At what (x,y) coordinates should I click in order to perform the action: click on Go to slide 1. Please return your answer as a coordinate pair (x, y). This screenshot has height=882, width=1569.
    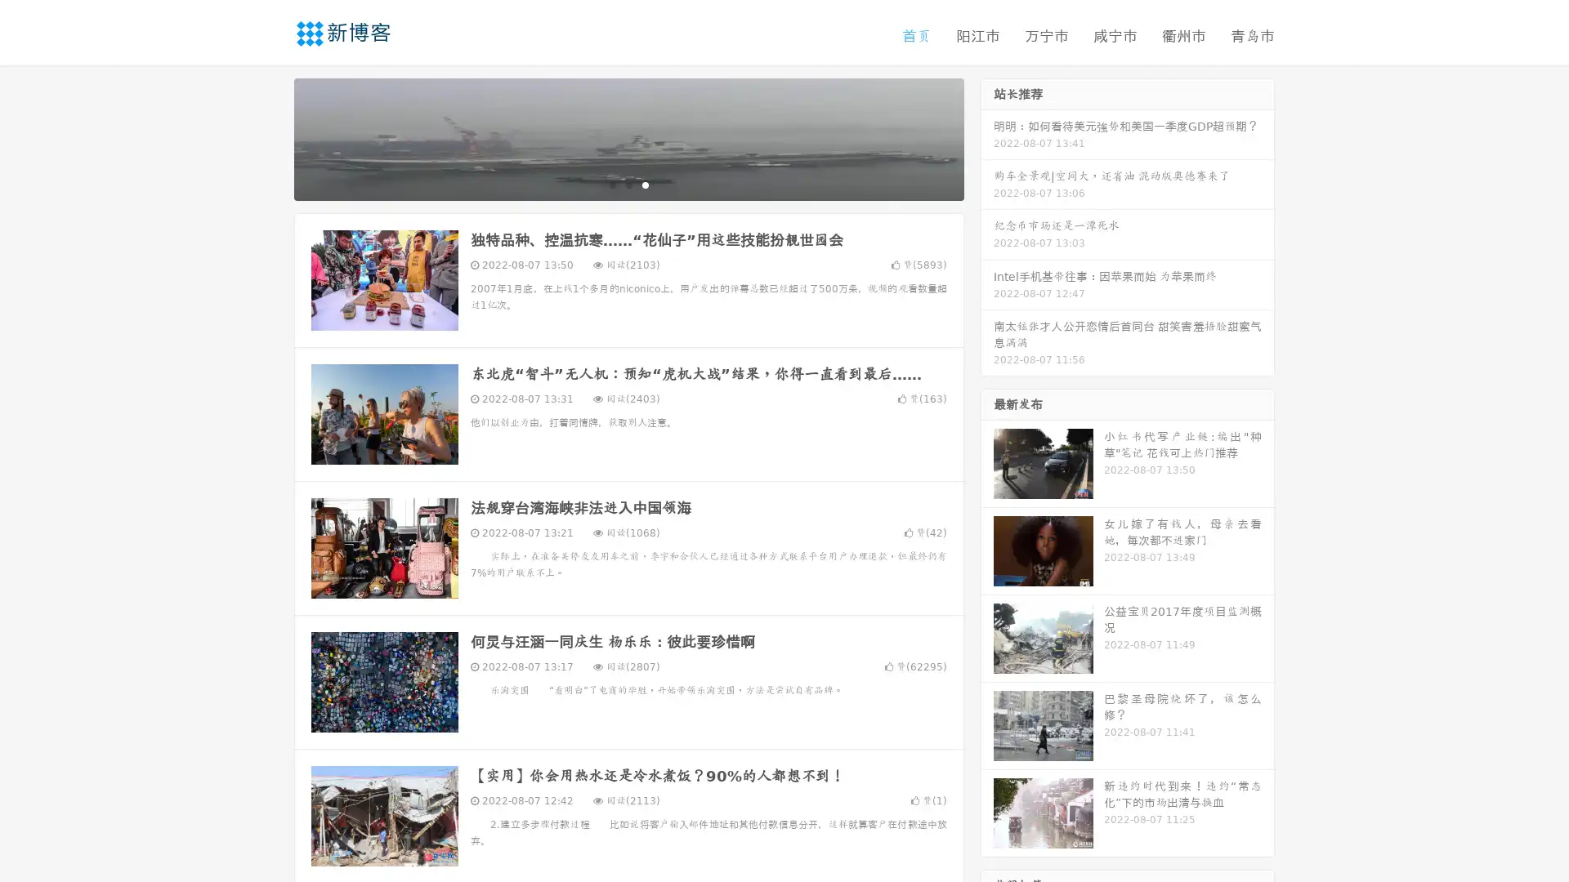
    Looking at the image, I should click on (611, 184).